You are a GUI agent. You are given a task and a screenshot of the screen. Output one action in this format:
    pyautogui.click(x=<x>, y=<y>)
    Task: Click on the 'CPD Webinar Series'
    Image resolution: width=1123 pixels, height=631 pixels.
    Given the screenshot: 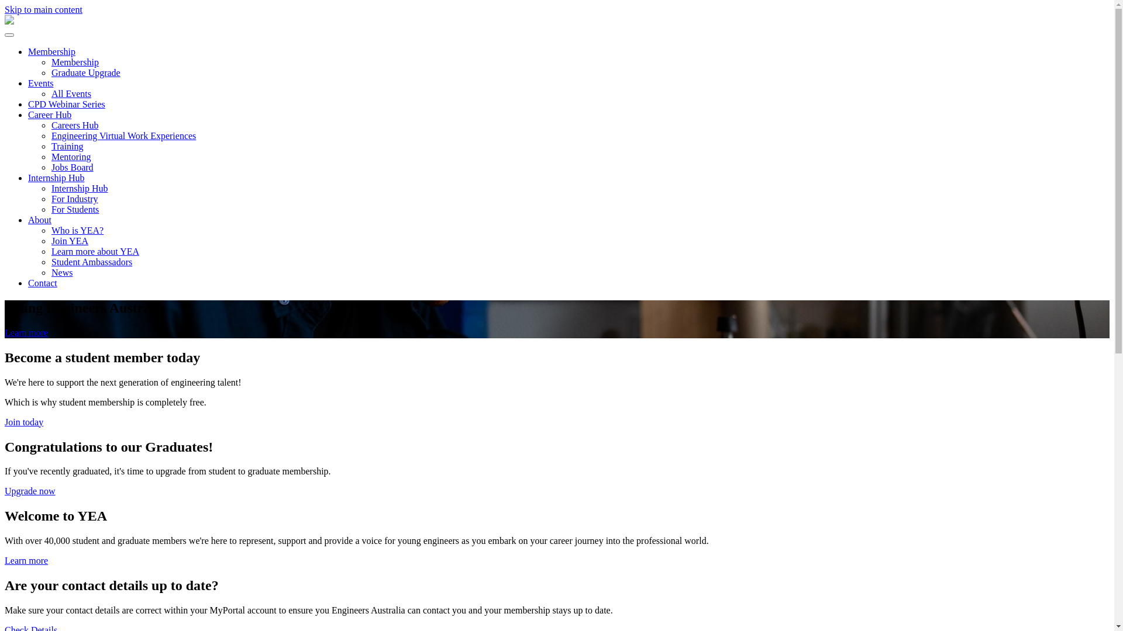 What is the action you would take?
    pyautogui.click(x=66, y=103)
    